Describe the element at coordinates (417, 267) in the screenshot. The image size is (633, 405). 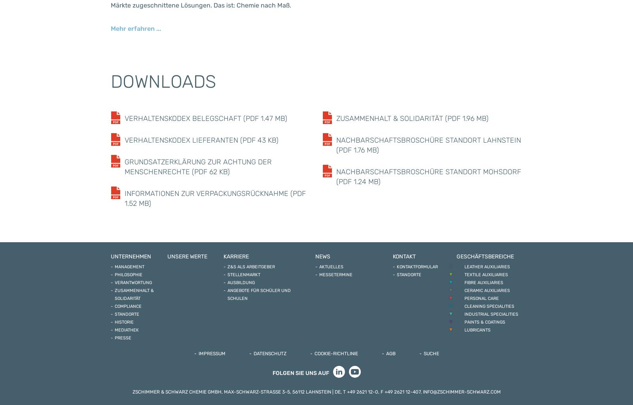
I see `'Kontaktformular'` at that location.